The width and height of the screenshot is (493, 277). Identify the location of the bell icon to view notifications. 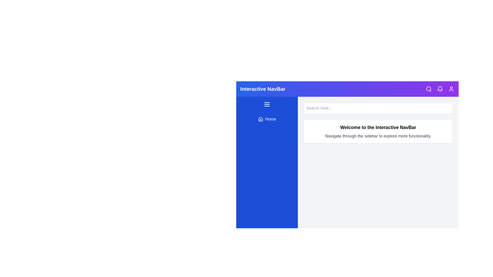
(440, 89).